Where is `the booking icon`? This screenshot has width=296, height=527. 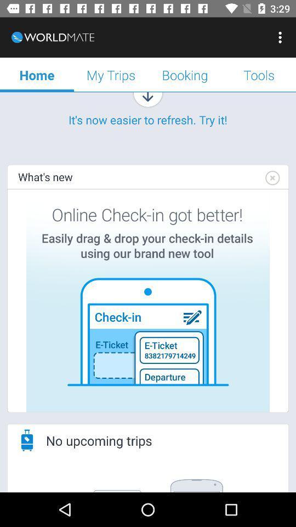 the booking icon is located at coordinates (185, 74).